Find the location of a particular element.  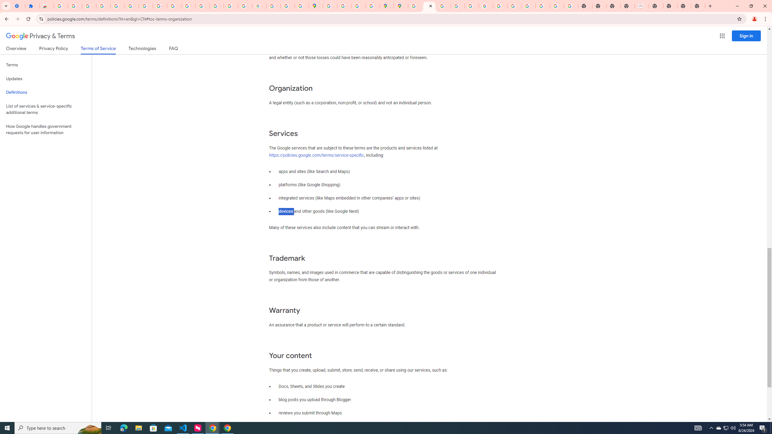

'List of services & service-specific additional terms' is located at coordinates (46, 109).